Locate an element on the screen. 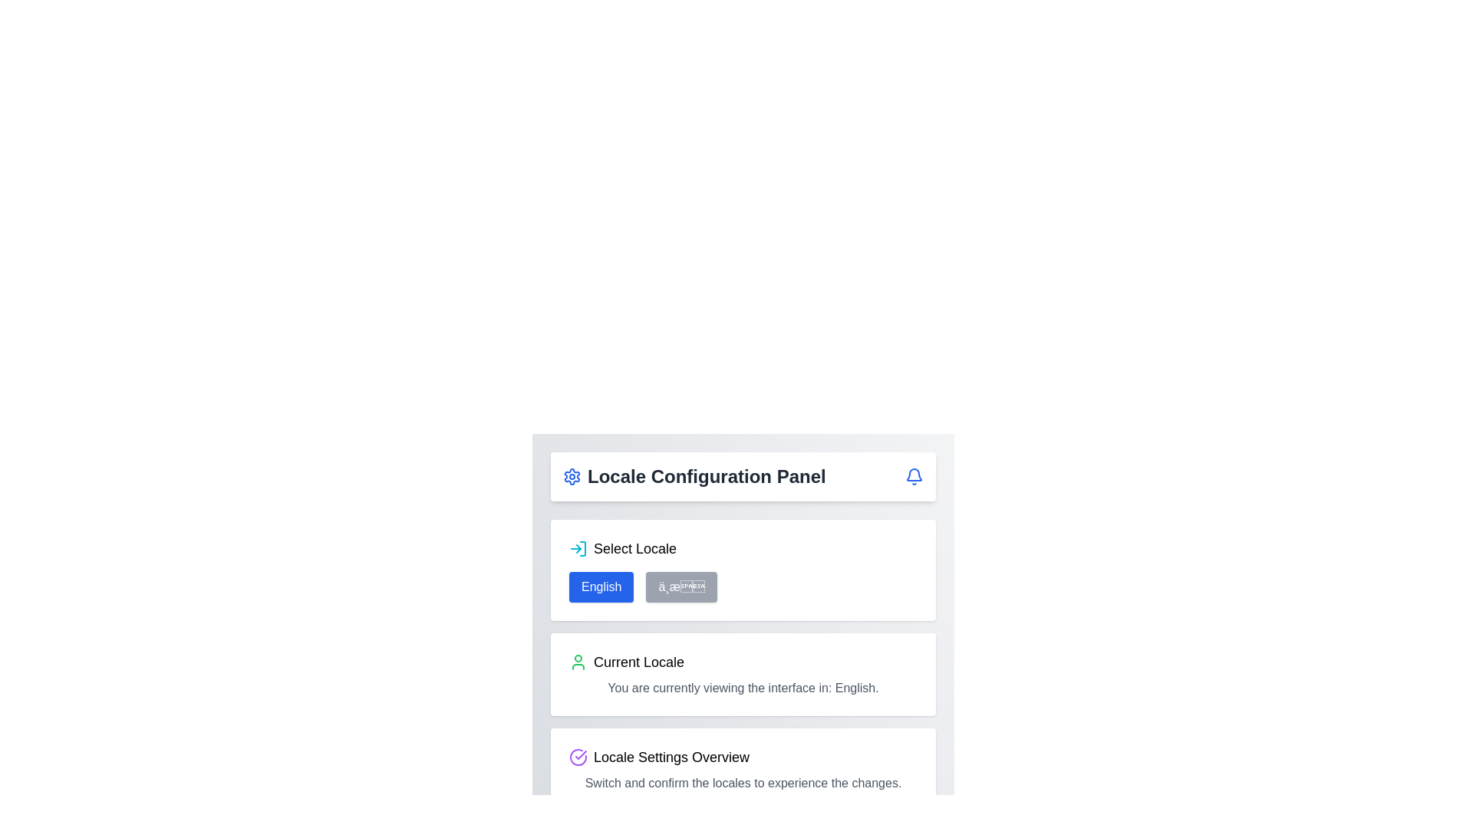  the Informational Panel that displays the current locale information, located between the 'Select Locale' section and the 'Locale Settings Overview' section is located at coordinates (743, 664).